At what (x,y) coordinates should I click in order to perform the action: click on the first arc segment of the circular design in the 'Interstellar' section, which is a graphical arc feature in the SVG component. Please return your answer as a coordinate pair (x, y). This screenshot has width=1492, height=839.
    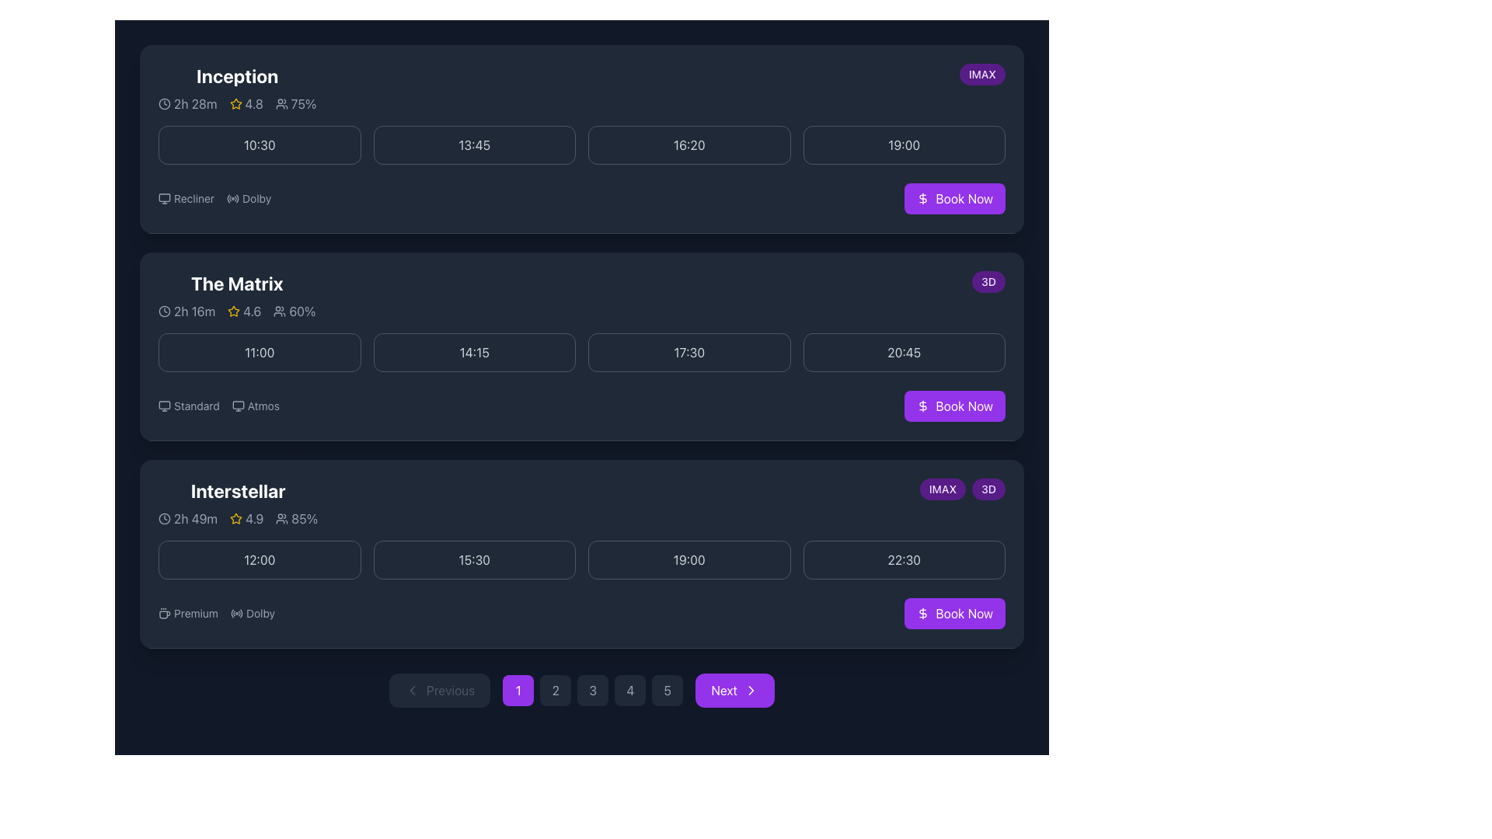
    Looking at the image, I should click on (232, 613).